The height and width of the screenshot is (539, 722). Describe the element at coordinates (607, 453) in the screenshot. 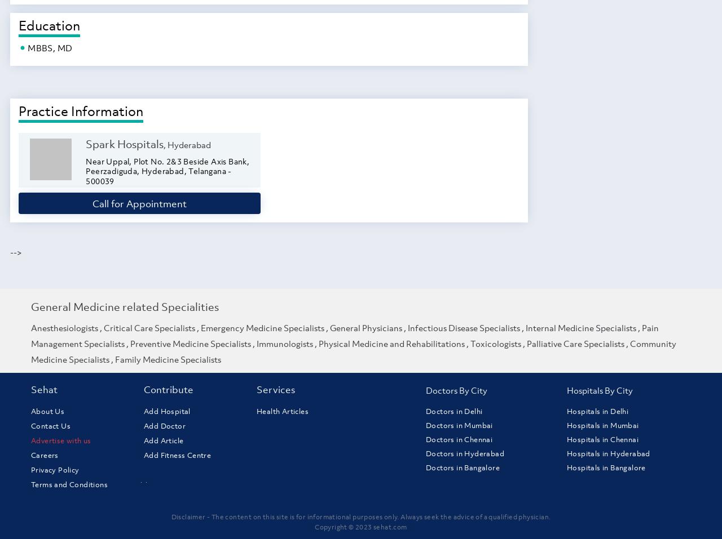

I see `'Hospitals in Hyderabad'` at that location.